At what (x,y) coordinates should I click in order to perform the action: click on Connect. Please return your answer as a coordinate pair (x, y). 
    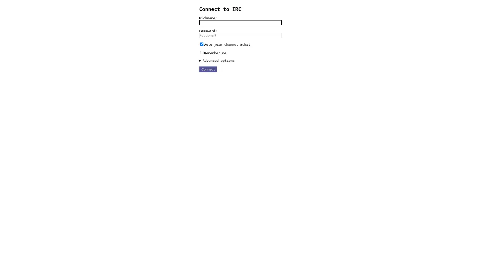
    Looking at the image, I should click on (208, 69).